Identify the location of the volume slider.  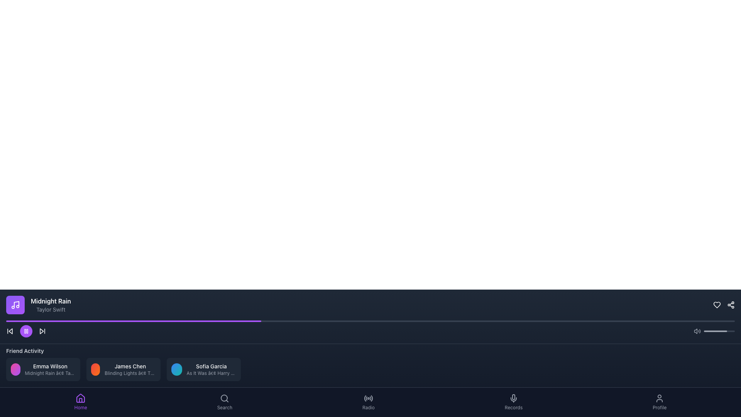
(726, 331).